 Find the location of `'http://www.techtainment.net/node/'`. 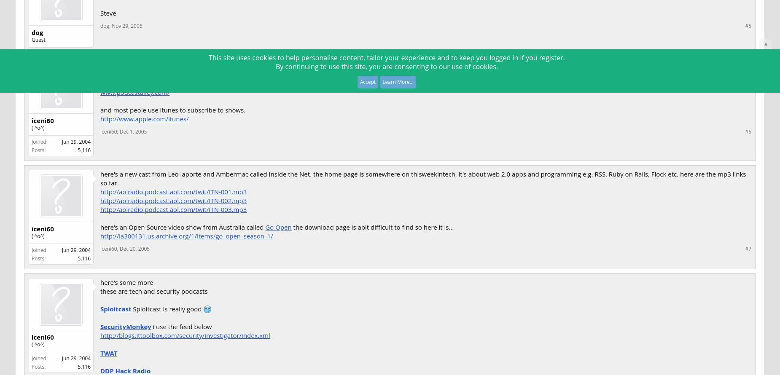

'http://www.techtainment.net/node/' is located at coordinates (152, 74).